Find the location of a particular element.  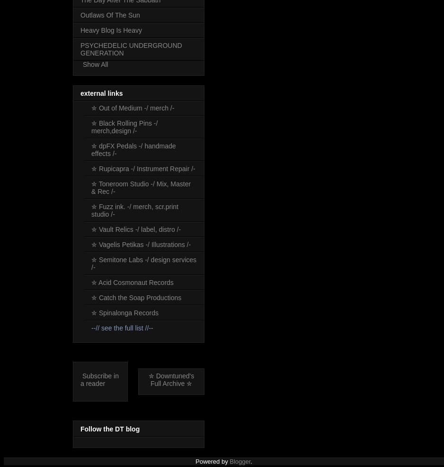

'✮ Black Rolling Pins  -/ merch,design /-' is located at coordinates (124, 127).